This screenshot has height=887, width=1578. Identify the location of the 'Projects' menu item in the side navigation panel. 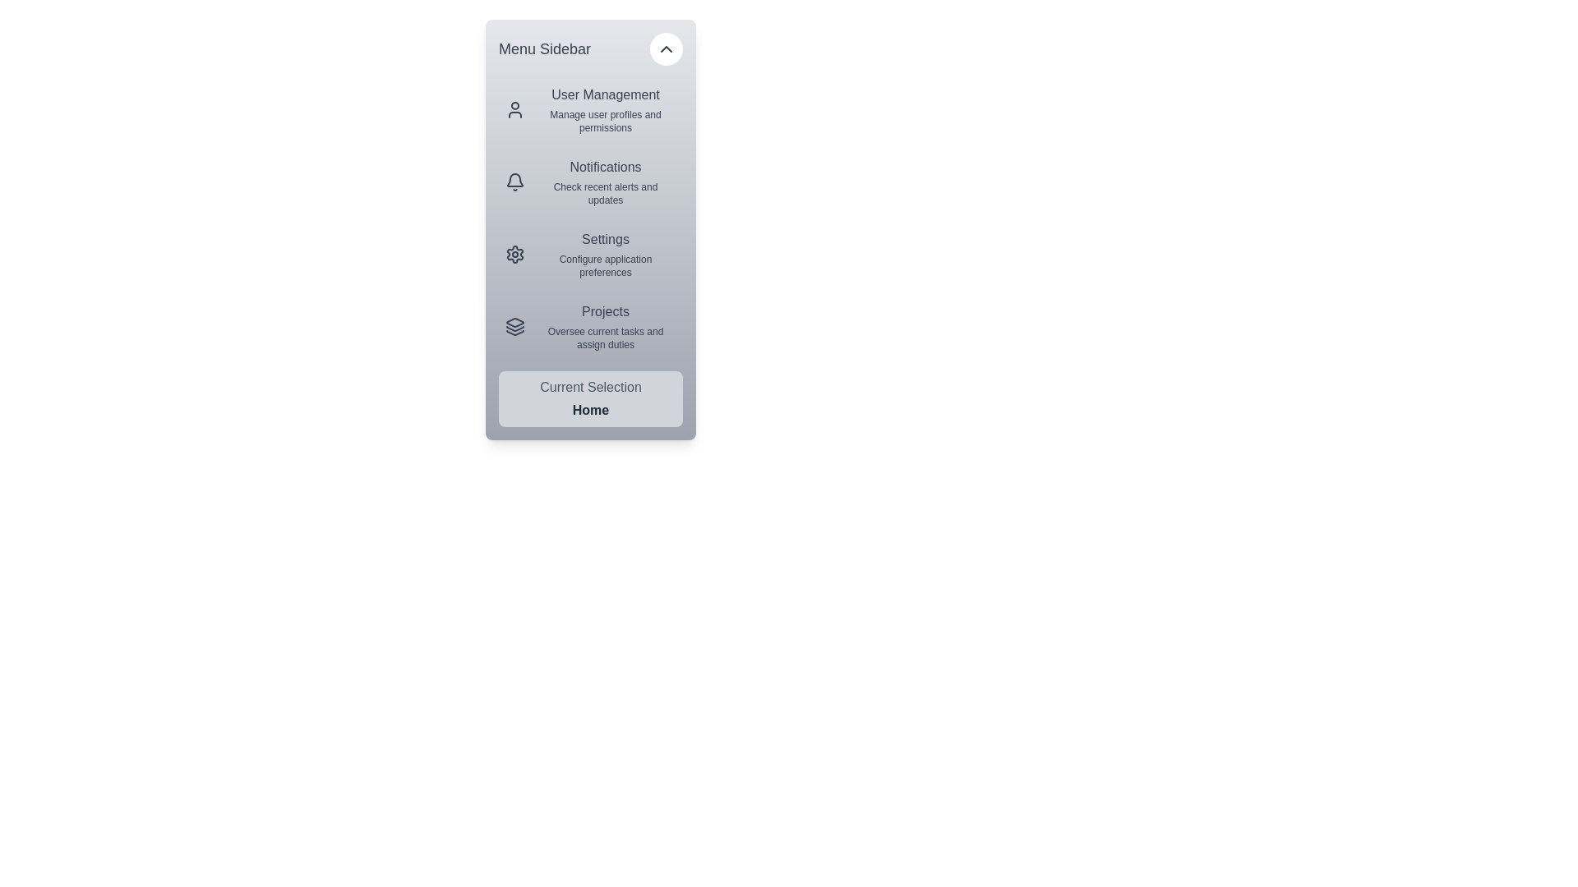
(591, 326).